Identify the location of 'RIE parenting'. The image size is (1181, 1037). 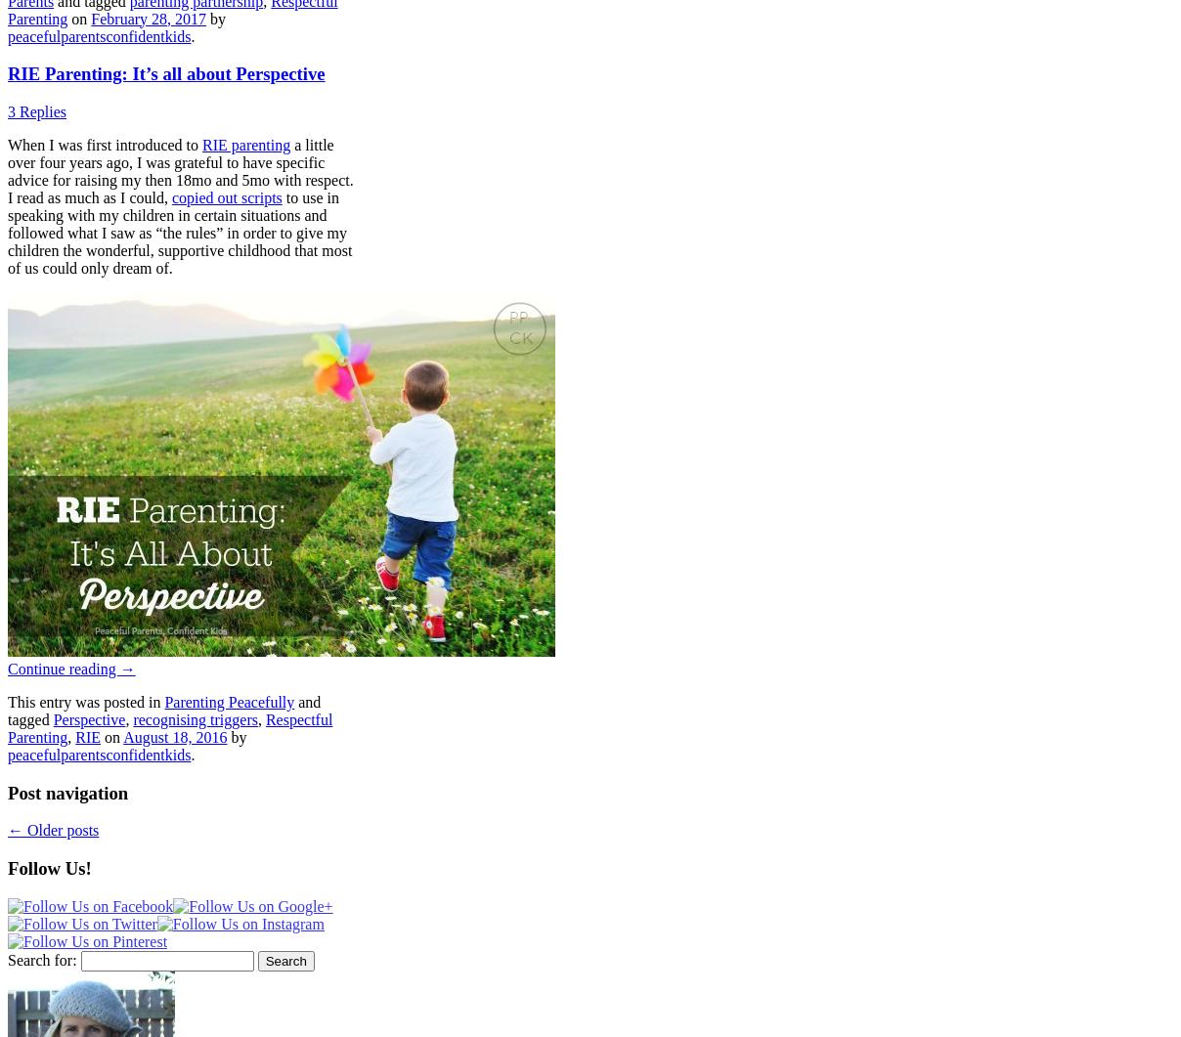
(245, 145).